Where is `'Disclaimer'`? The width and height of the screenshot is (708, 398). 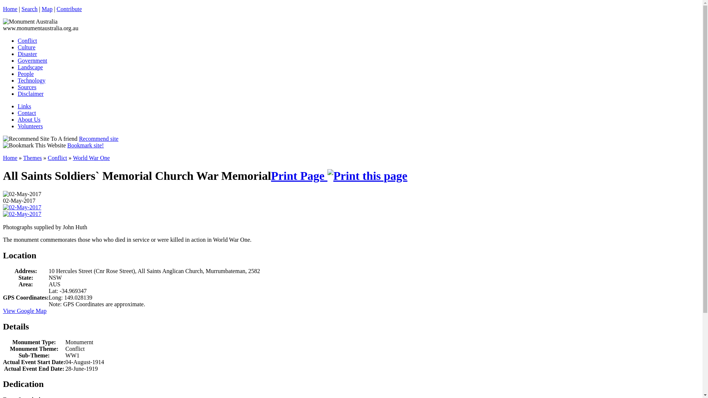
'Disclaimer' is located at coordinates (30, 93).